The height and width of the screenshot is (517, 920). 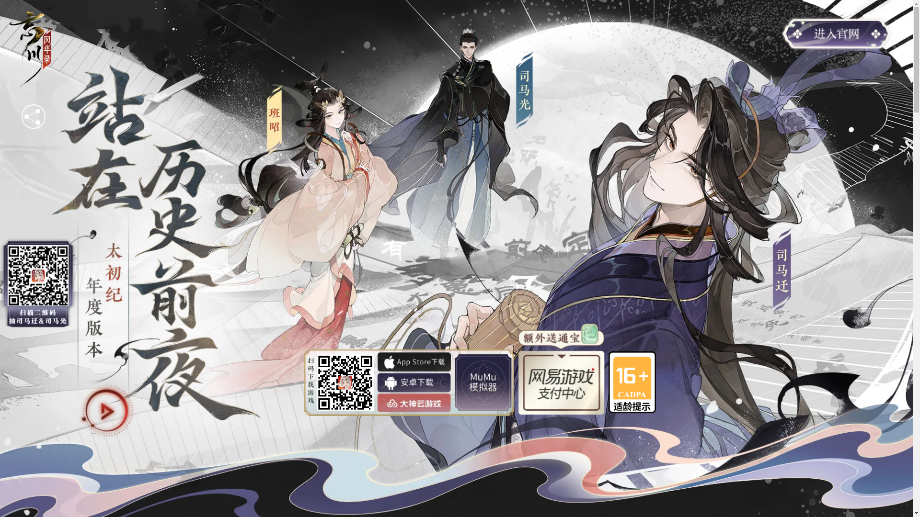 What do you see at coordinates (632, 382) in the screenshot?
I see `'16+'` at bounding box center [632, 382].